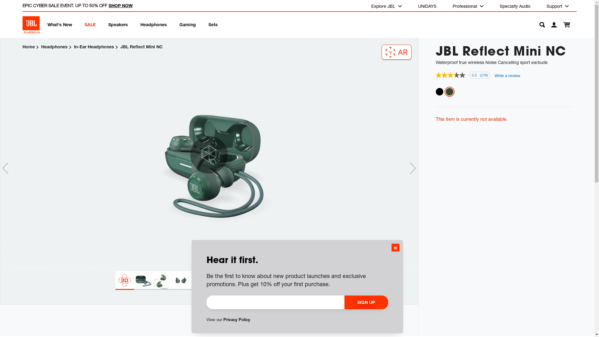 Image resolution: width=599 pixels, height=337 pixels. What do you see at coordinates (538, 25) in the screenshot?
I see `'Search'` at bounding box center [538, 25].